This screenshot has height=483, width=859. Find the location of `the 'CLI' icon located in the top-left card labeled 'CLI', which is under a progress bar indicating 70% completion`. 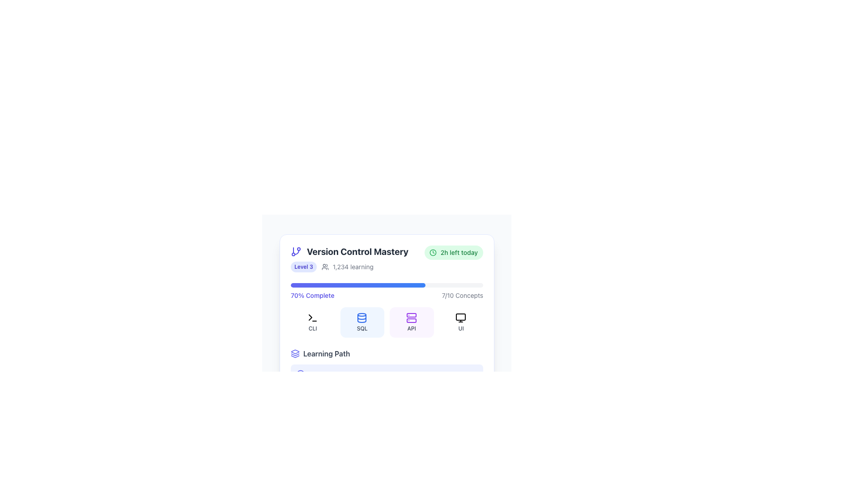

the 'CLI' icon located in the top-left card labeled 'CLI', which is under a progress bar indicating 70% completion is located at coordinates (312, 317).